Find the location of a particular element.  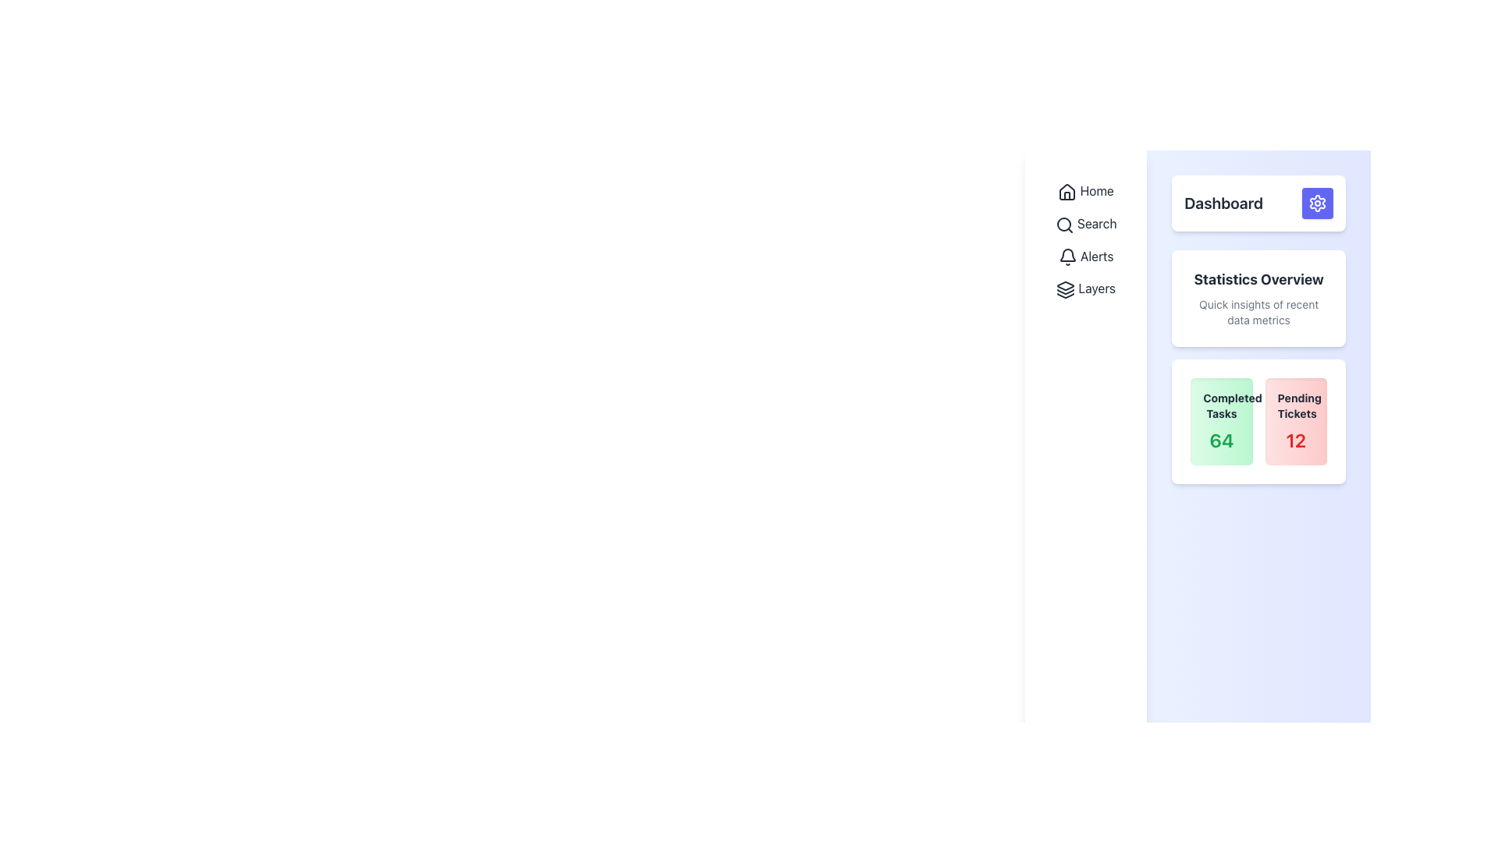

the header element that indicates the purpose of the 'Dashboard' and includes a gear icon for settings access is located at coordinates (1258, 203).